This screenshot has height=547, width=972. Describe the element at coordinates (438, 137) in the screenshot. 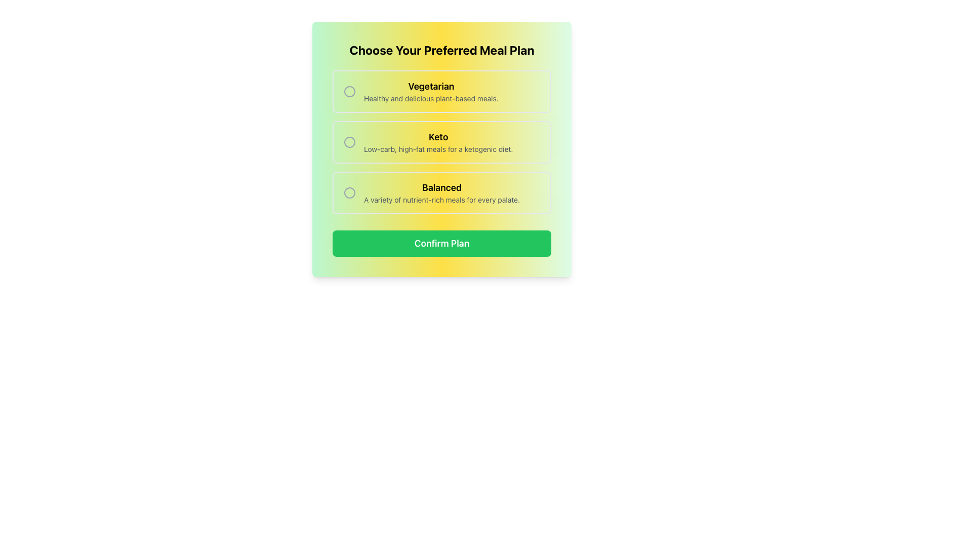

I see `the Text Label that serves as a title for the ketogenic meal plan option, positioned centrally at the top of the selection interface` at that location.